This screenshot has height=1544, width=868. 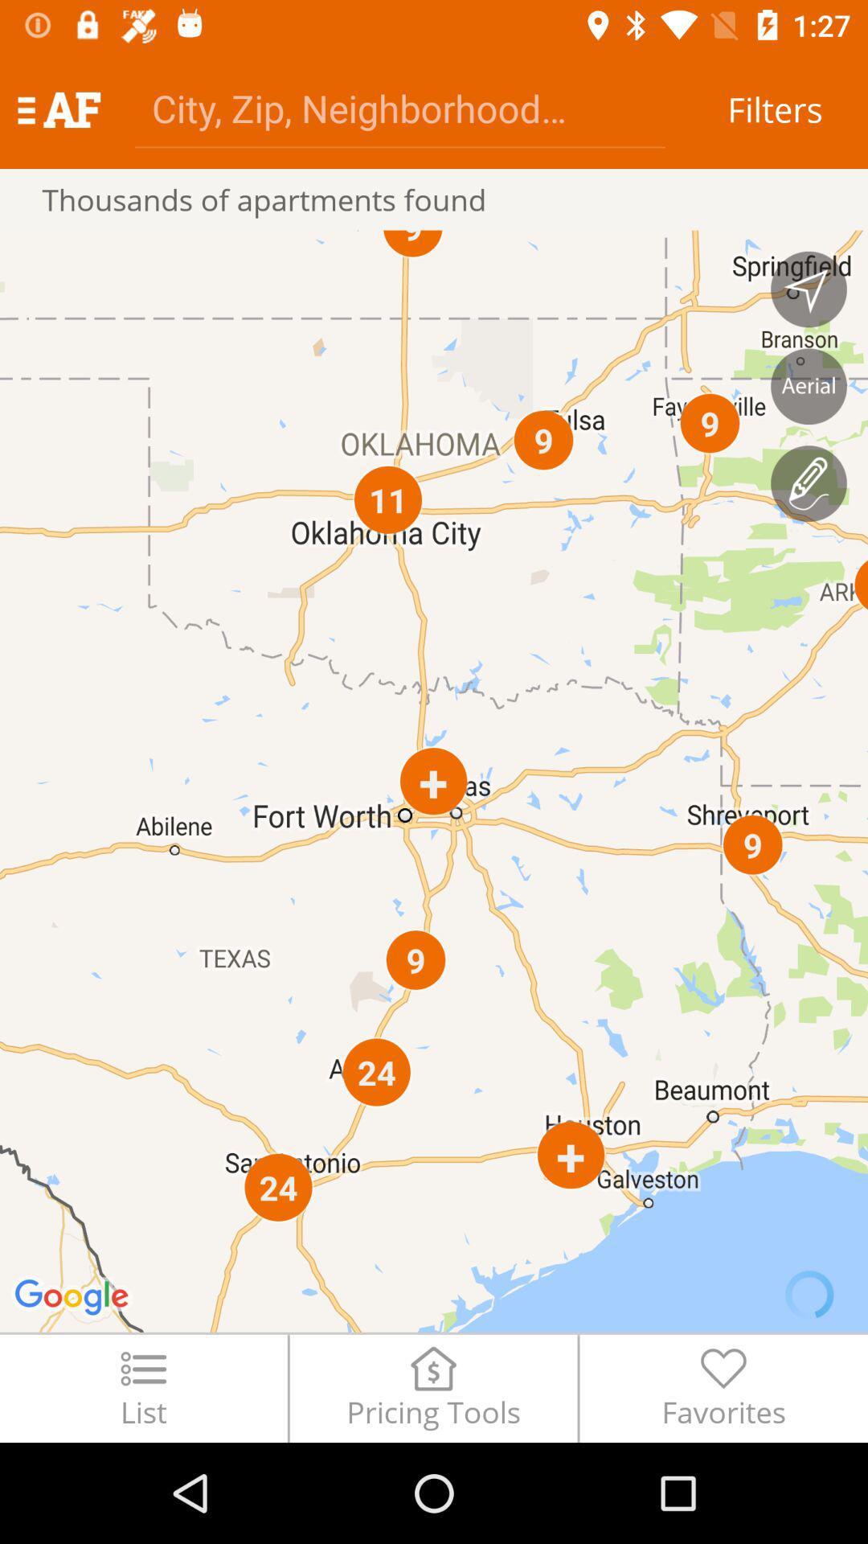 What do you see at coordinates (142, 1387) in the screenshot?
I see `item to the left of pricing tools icon` at bounding box center [142, 1387].